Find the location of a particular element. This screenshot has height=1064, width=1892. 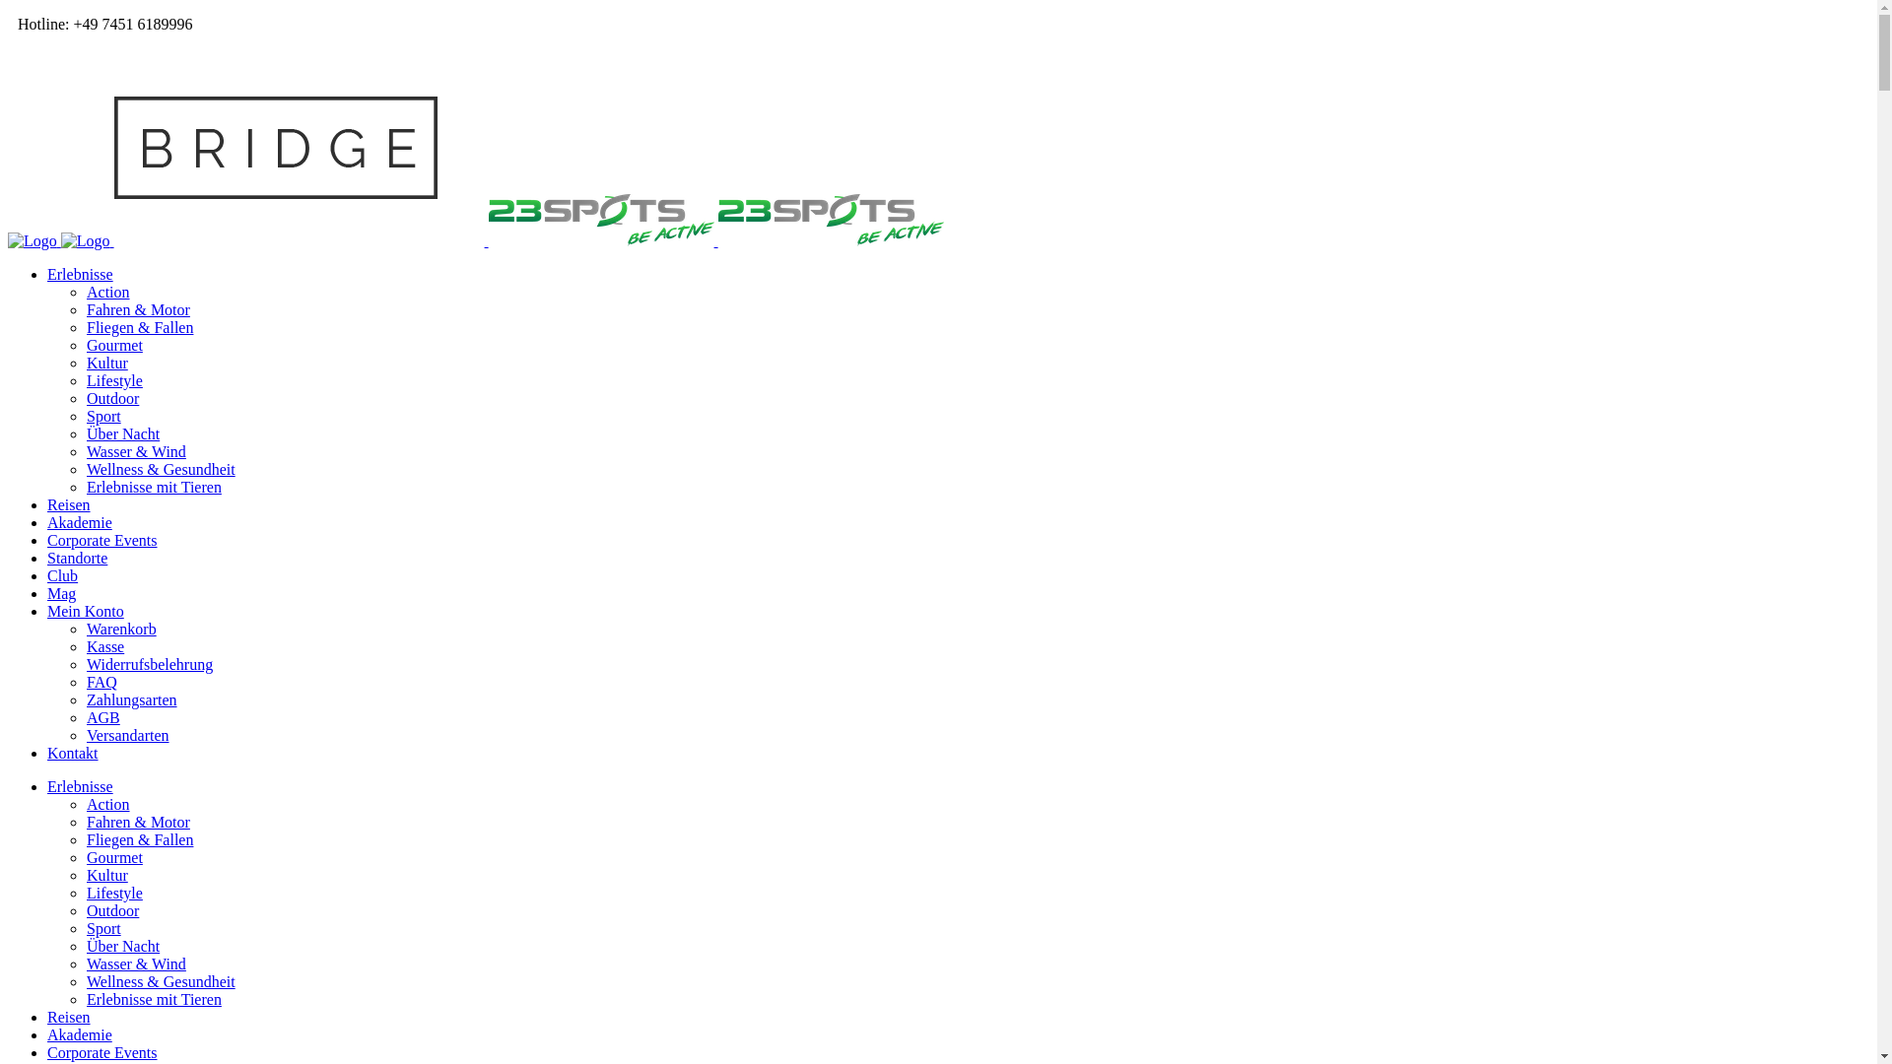

'Kontakt' is located at coordinates (72, 753).